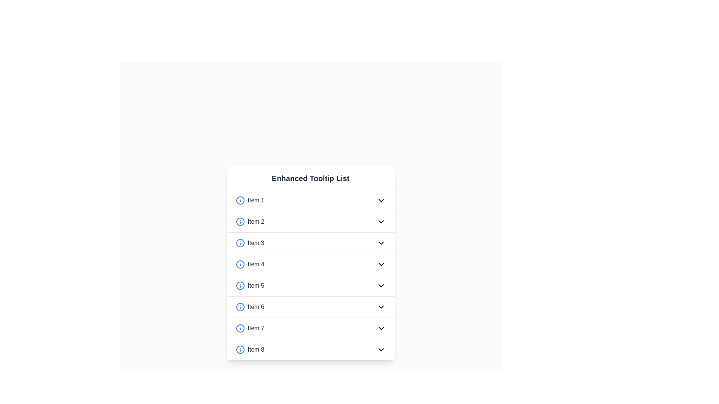  What do you see at coordinates (240, 243) in the screenshot?
I see `the icon located to the left of 'Item 3' in the list` at bounding box center [240, 243].